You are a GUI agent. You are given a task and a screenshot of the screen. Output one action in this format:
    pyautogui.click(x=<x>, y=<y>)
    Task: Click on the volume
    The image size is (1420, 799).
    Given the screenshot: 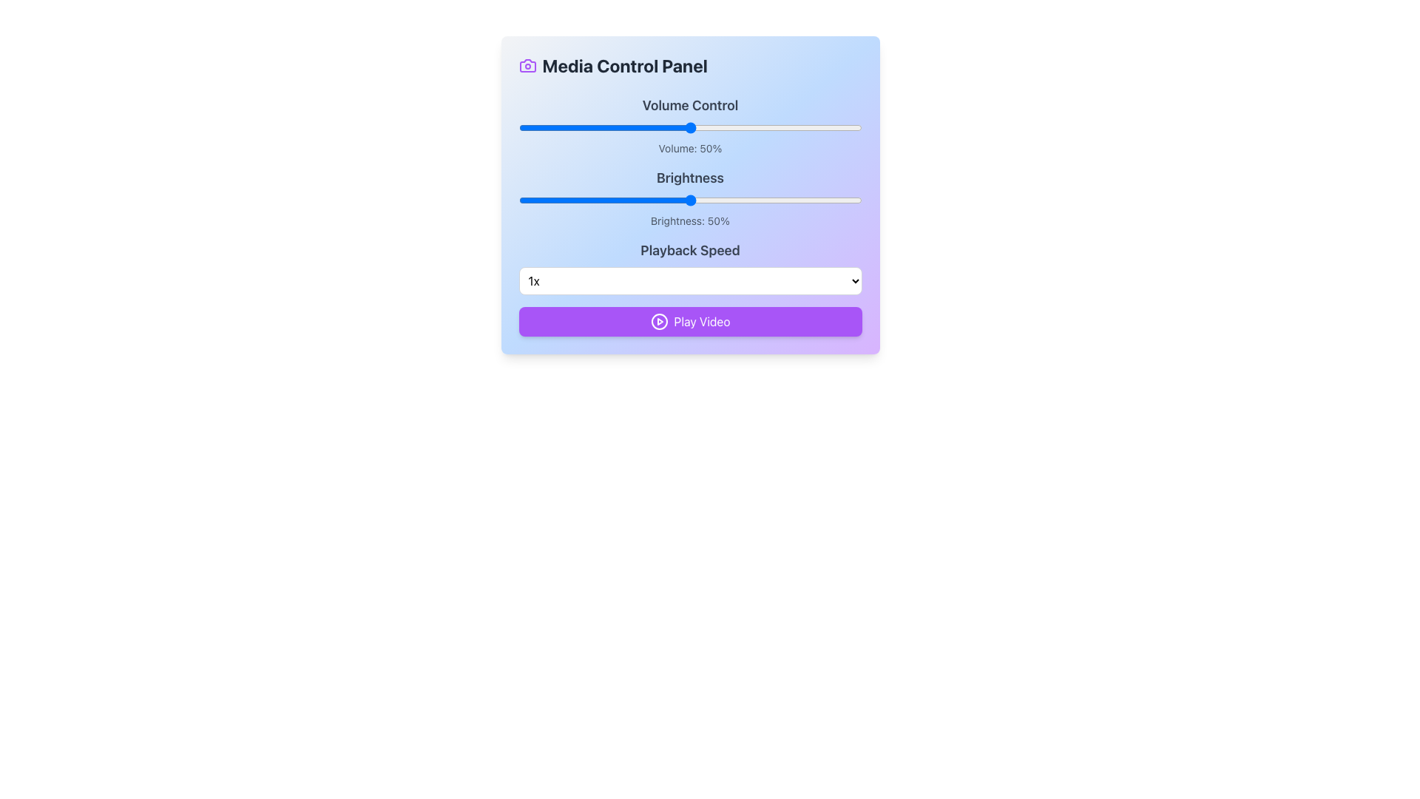 What is the action you would take?
    pyautogui.click(x=675, y=127)
    